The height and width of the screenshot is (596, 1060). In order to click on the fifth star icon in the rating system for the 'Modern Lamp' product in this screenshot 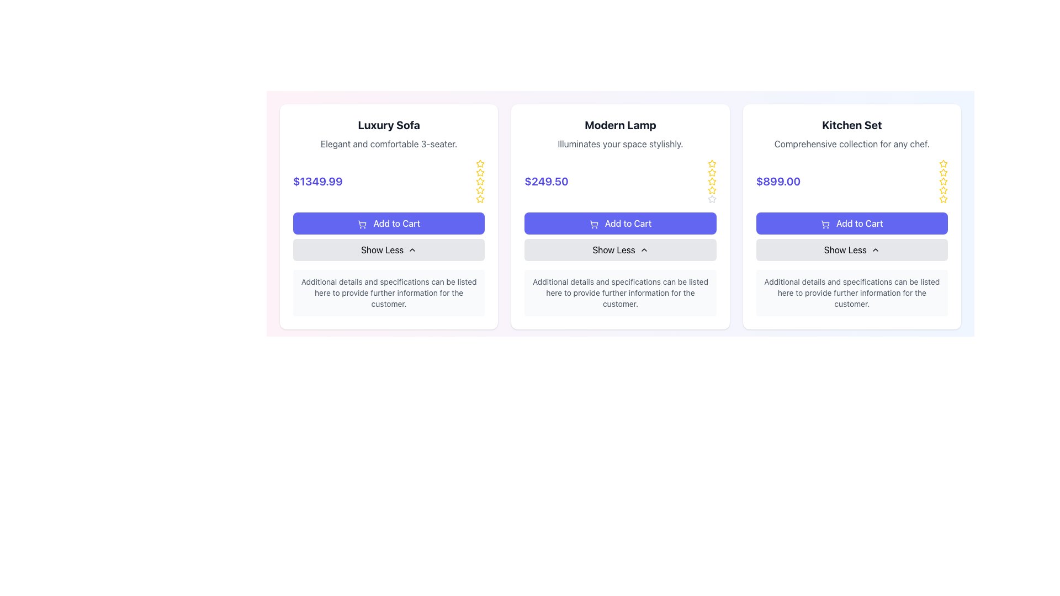, I will do `click(712, 163)`.